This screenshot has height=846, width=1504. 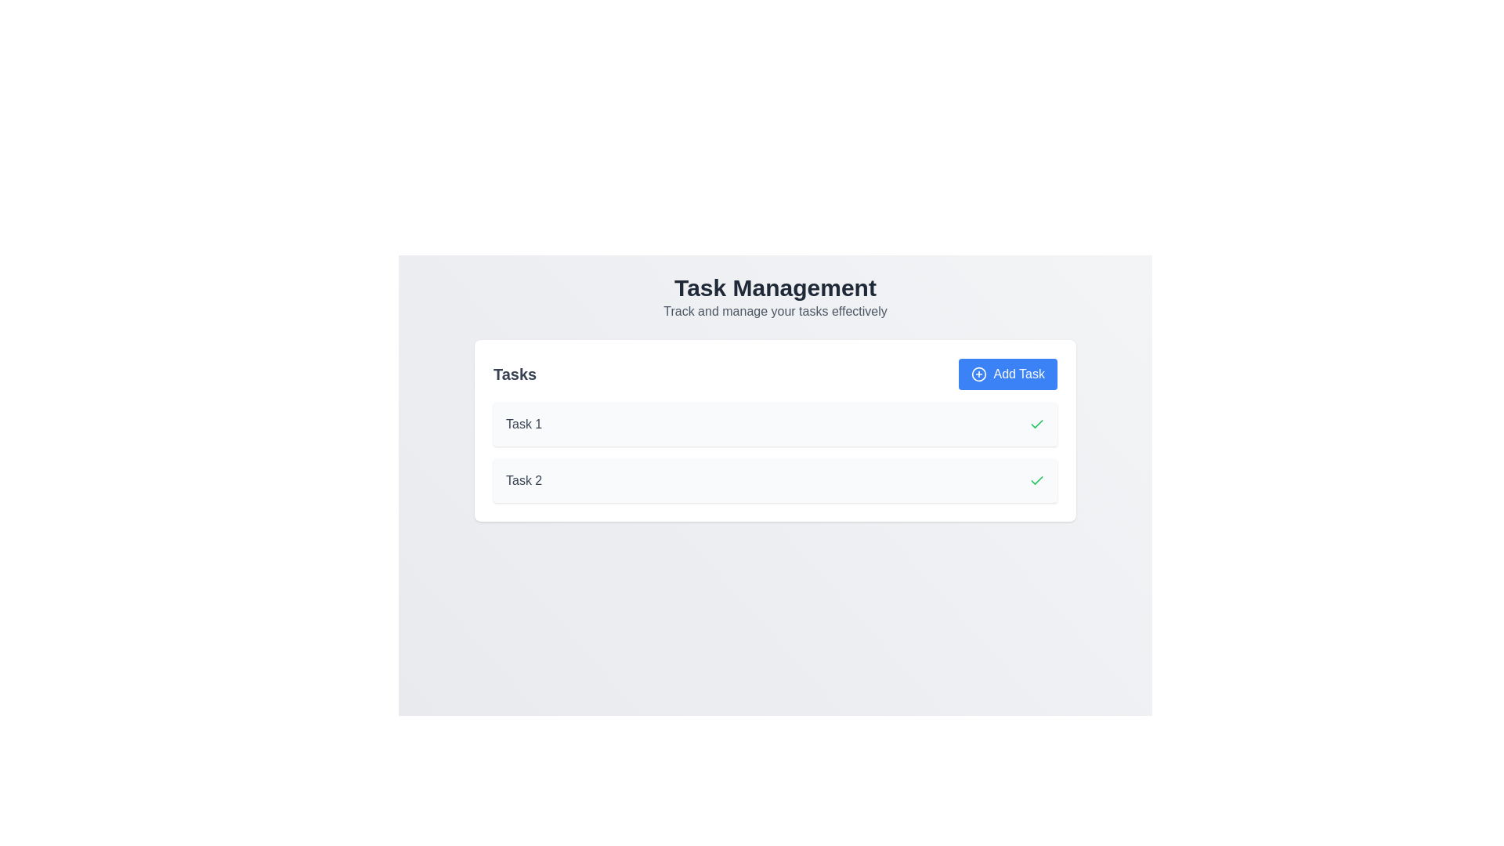 What do you see at coordinates (775, 425) in the screenshot?
I see `details about the task labeled 'Task 1' in the to-do list, which is indicated by a green checkmark and is the first item in the 'Tasks' section` at bounding box center [775, 425].